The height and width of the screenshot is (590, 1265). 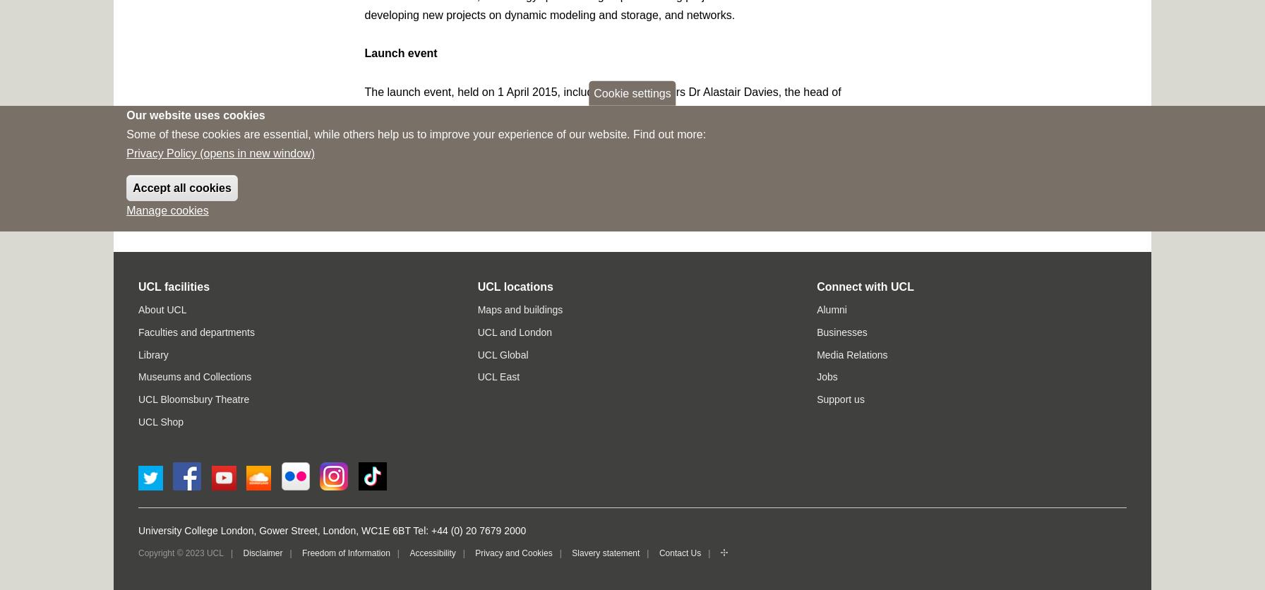 What do you see at coordinates (840, 398) in the screenshot?
I see `'Support us'` at bounding box center [840, 398].